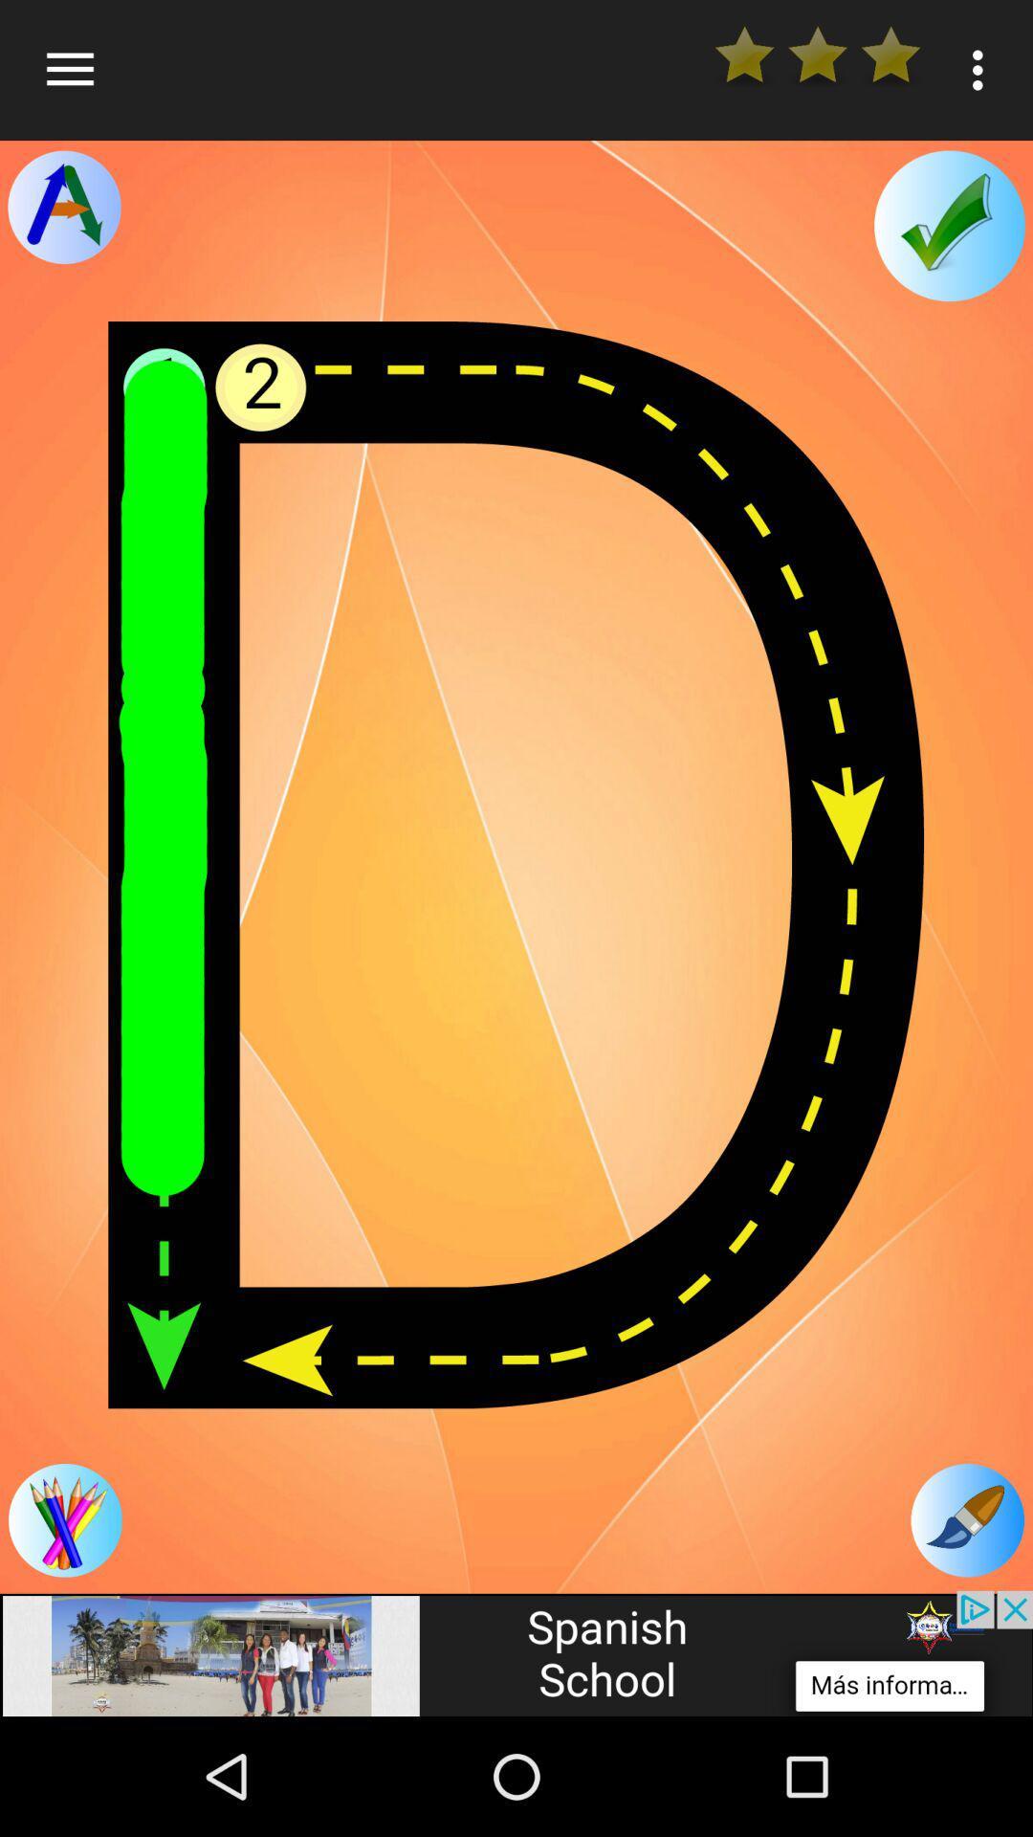  What do you see at coordinates (967, 1519) in the screenshot?
I see `changes color` at bounding box center [967, 1519].